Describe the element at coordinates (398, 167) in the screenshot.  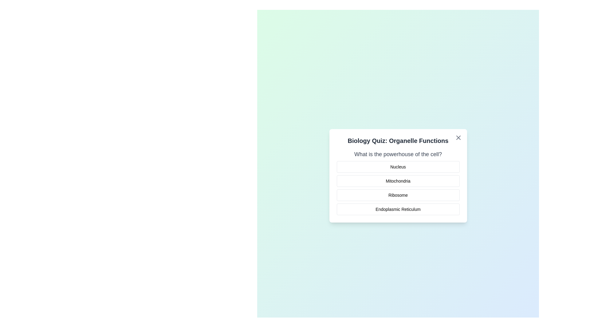
I see `the answer option Nucleus to select it` at that location.